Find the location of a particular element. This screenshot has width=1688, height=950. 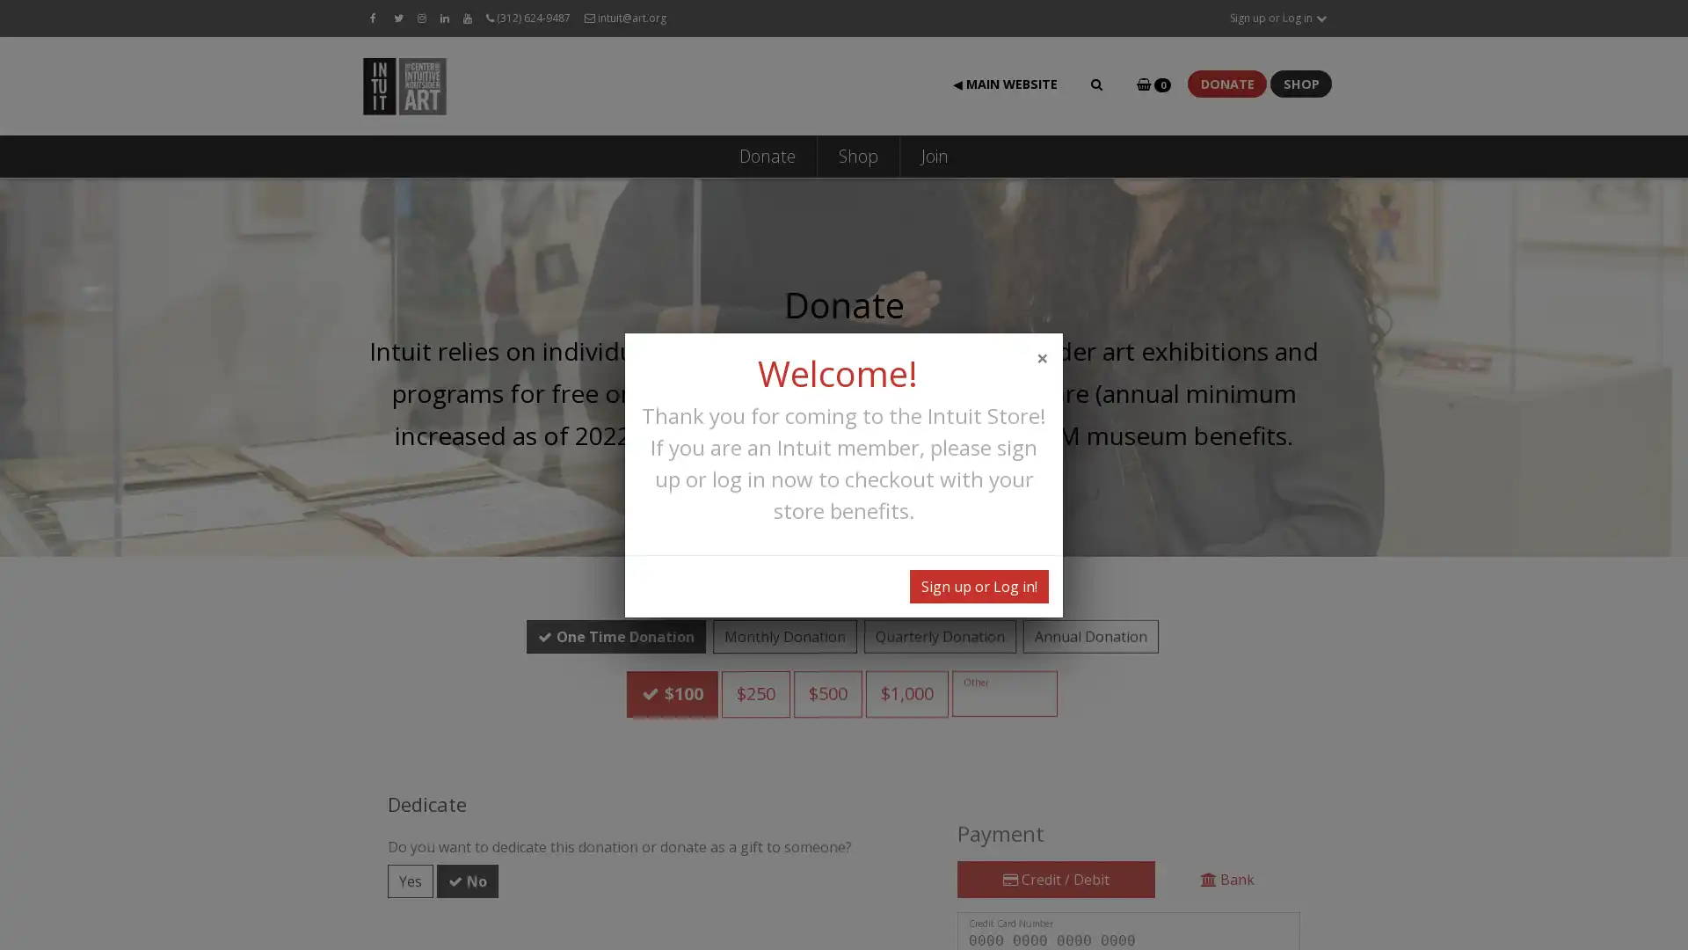

Bank is located at coordinates (1226, 818).